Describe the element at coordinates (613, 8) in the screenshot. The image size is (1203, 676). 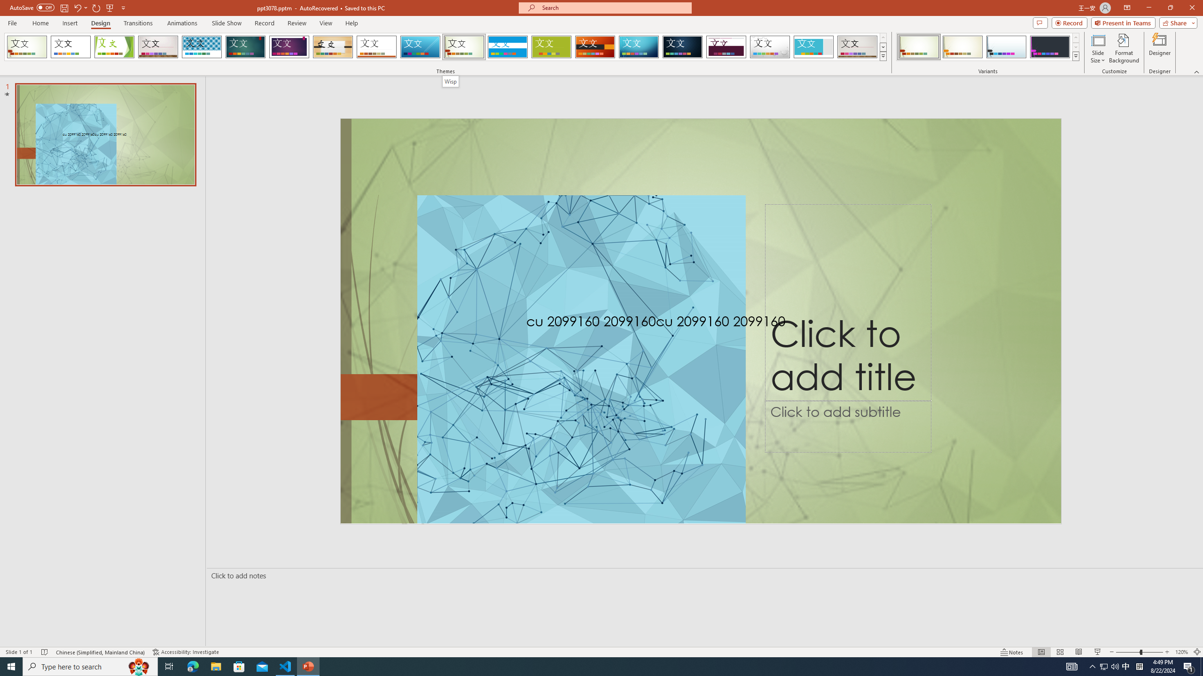
I see `'Microsoft search'` at that location.